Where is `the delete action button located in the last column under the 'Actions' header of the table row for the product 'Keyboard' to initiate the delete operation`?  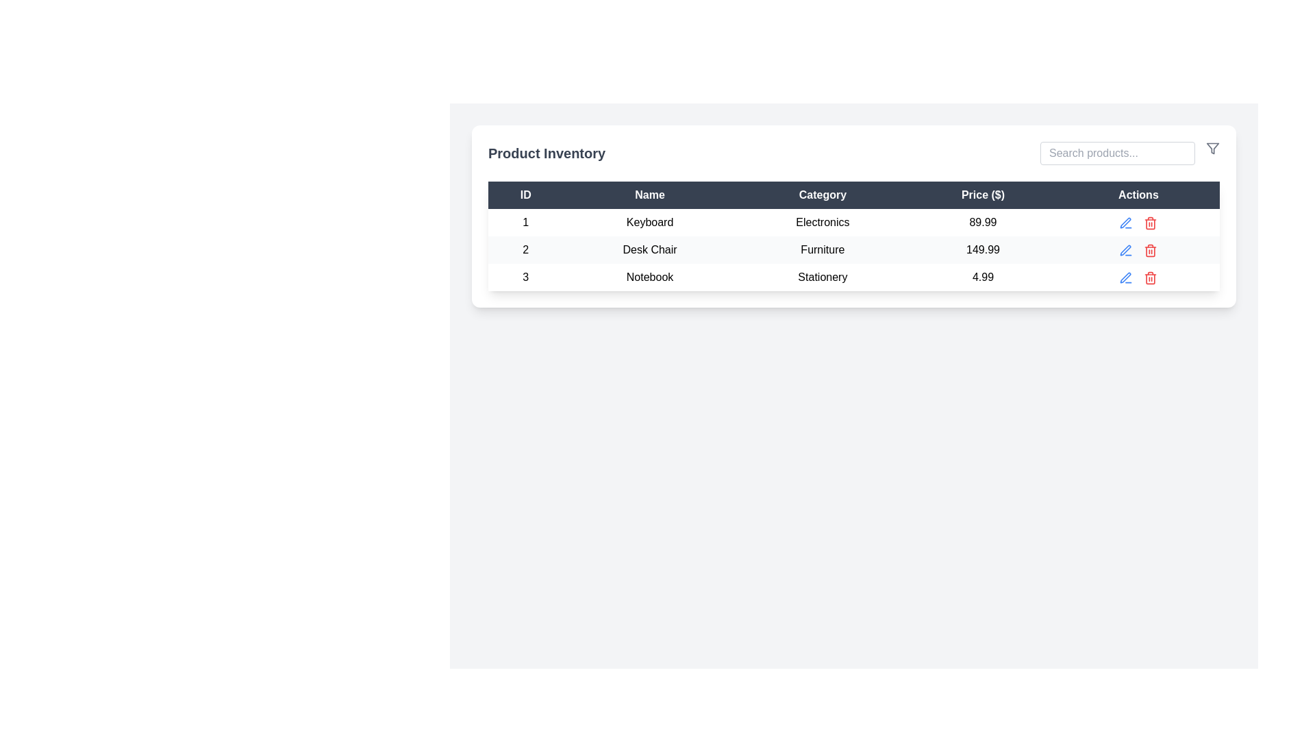 the delete action button located in the last column under the 'Actions' header of the table row for the product 'Keyboard' to initiate the delete operation is located at coordinates (1151, 221).